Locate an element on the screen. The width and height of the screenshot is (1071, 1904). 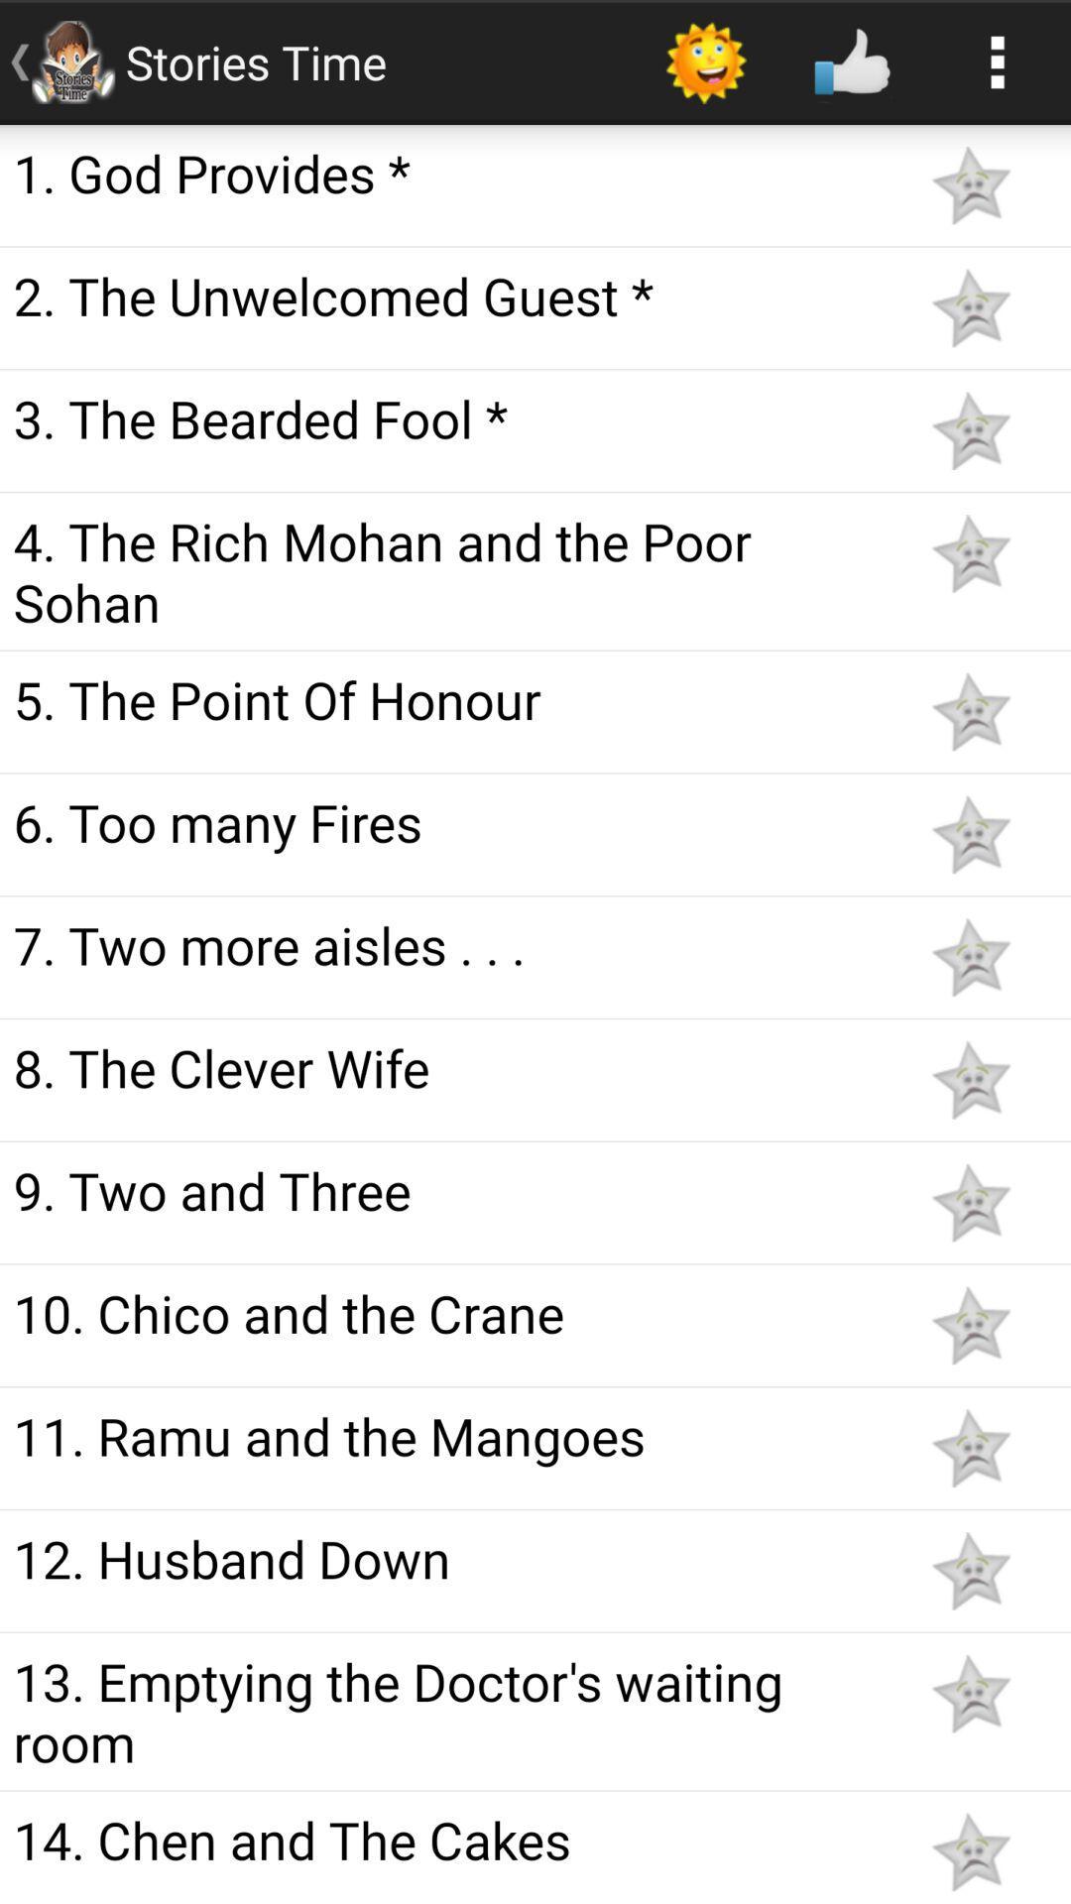
10 chico and icon is located at coordinates (448, 1313).